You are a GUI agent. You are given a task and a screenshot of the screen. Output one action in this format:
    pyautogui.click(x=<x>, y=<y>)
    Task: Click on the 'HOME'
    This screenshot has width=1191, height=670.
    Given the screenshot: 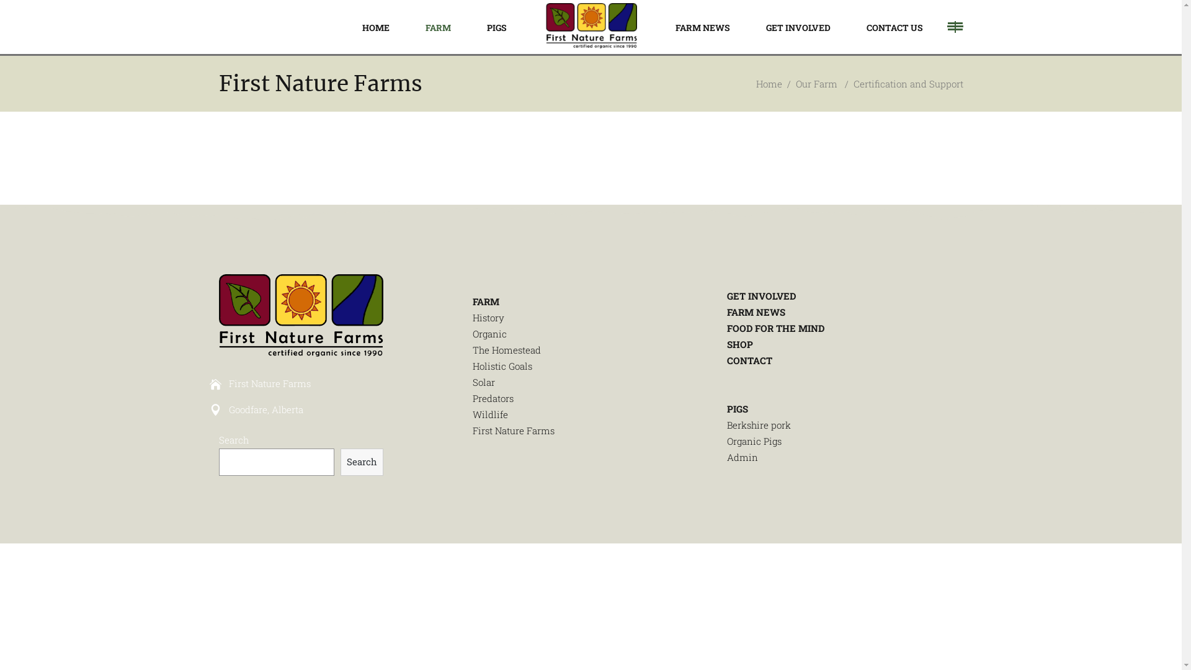 What is the action you would take?
    pyautogui.click(x=374, y=27)
    